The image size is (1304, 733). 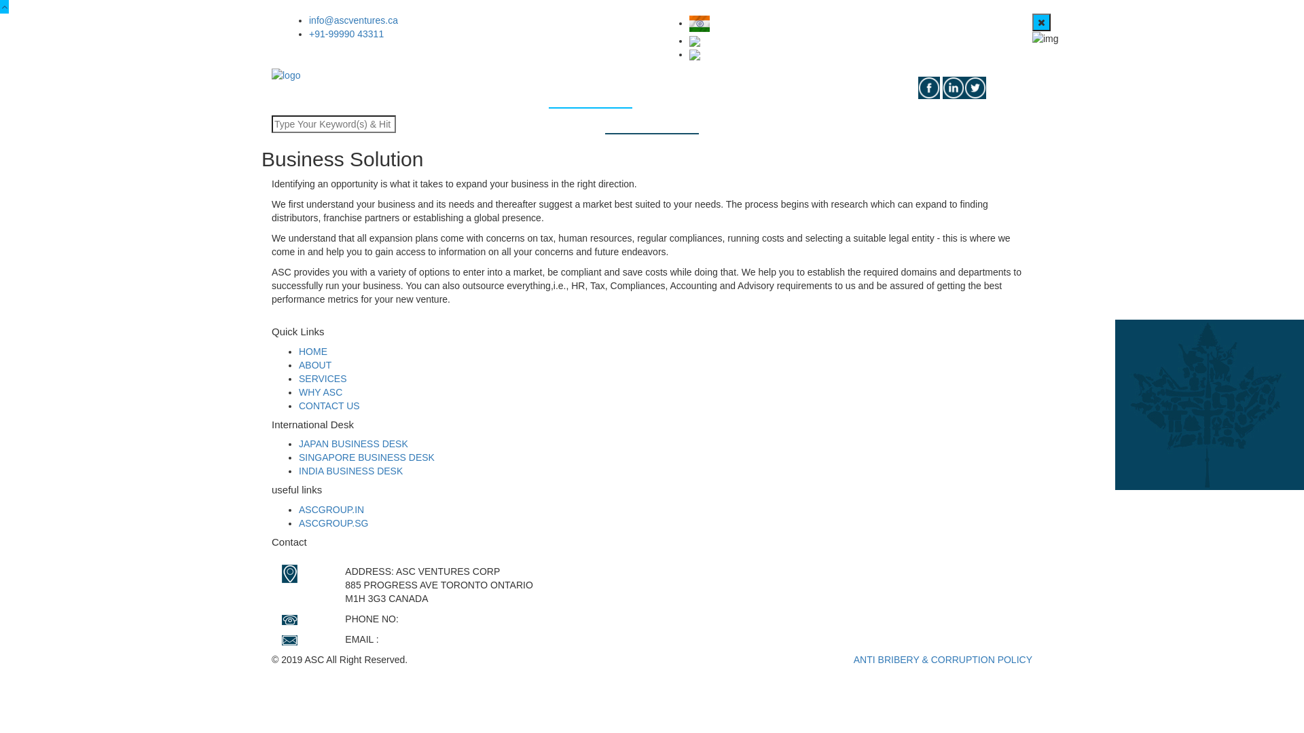 What do you see at coordinates (366, 457) in the screenshot?
I see `'SINGAPORE BUSINESS DESK'` at bounding box center [366, 457].